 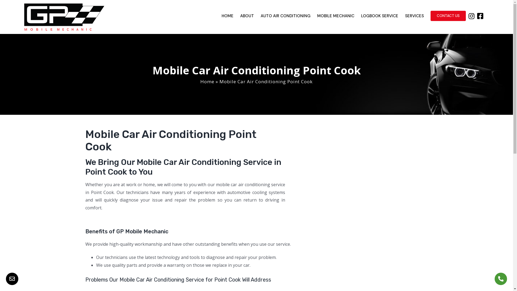 What do you see at coordinates (379, 15) in the screenshot?
I see `'LOGBOOK SERVICE'` at bounding box center [379, 15].